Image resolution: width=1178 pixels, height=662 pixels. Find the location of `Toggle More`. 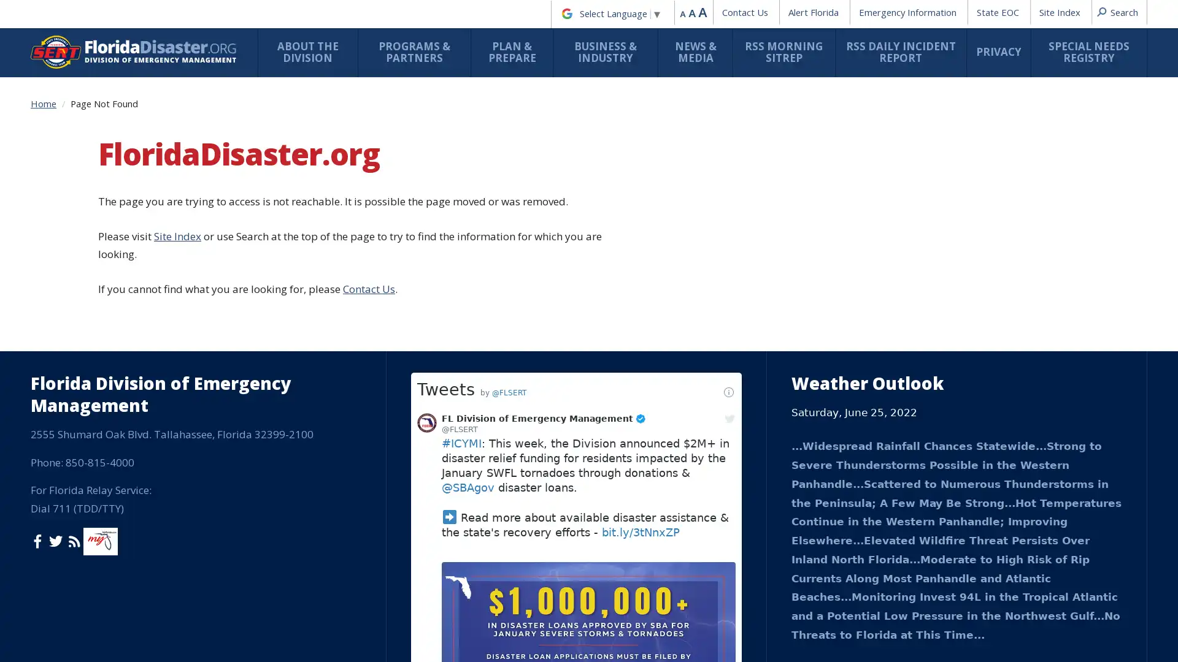

Toggle More is located at coordinates (582, 246).